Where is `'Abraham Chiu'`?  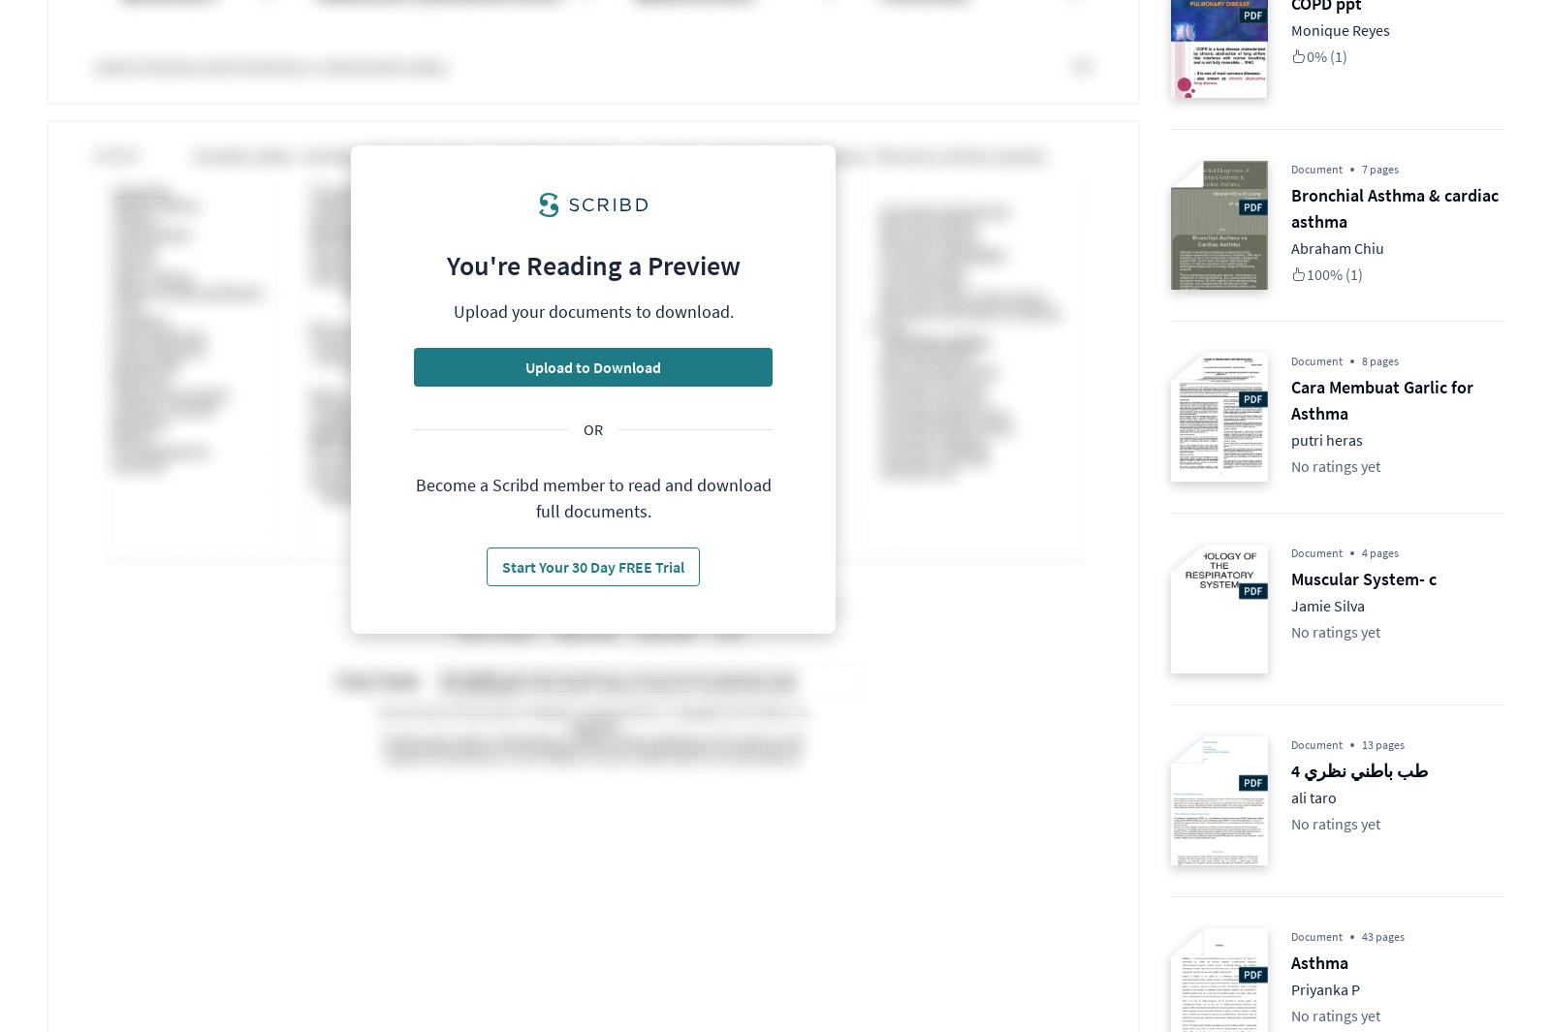 'Abraham Chiu' is located at coordinates (1337, 247).